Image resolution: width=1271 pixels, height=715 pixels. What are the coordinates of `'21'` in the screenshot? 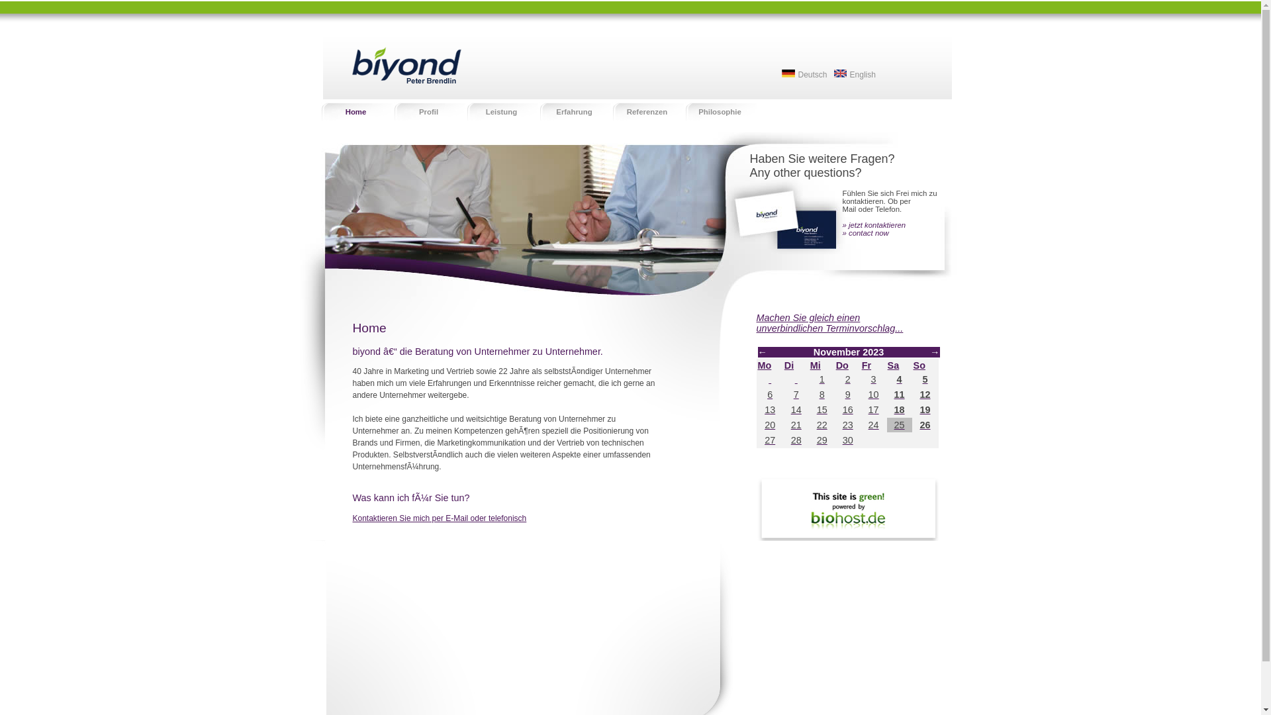 It's located at (796, 424).